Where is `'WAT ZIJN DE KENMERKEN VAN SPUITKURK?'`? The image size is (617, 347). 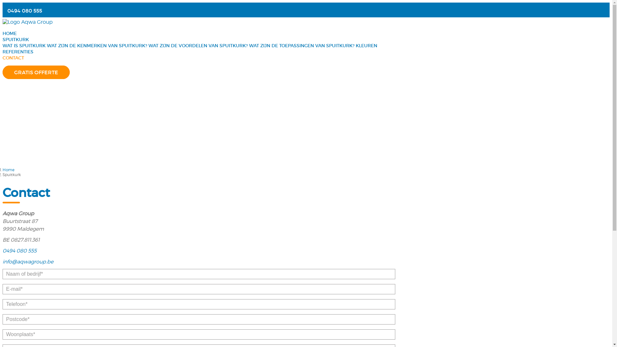 'WAT ZIJN DE KENMERKEN VAN SPUITKURK?' is located at coordinates (46, 45).